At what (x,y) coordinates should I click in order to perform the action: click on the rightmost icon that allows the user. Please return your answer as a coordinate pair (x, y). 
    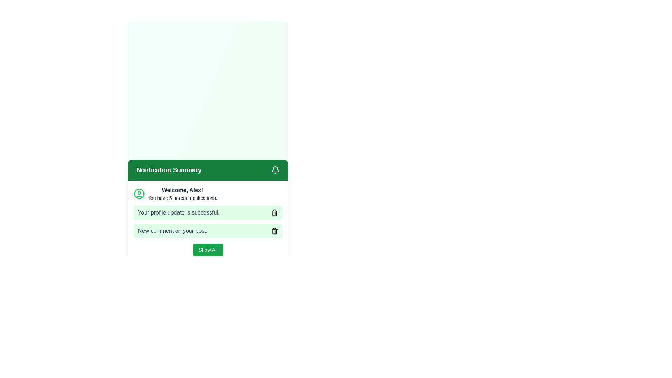
    Looking at the image, I should click on (274, 212).